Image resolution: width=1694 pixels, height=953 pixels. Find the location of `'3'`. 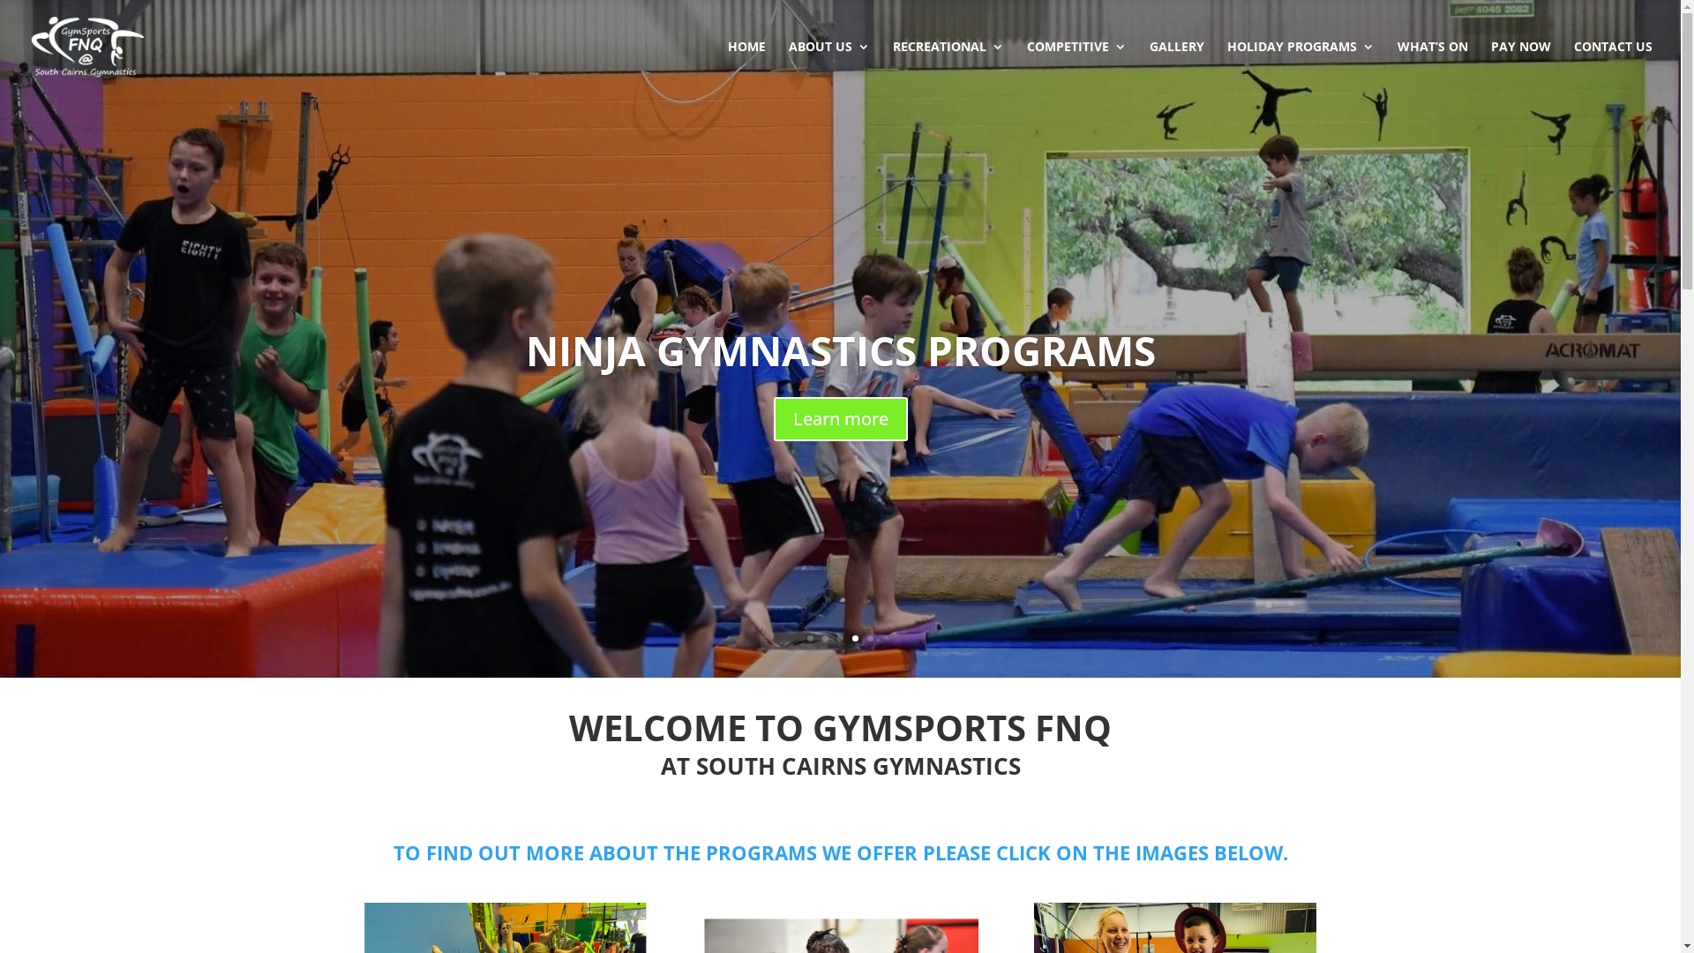

'3' is located at coordinates (839, 638).